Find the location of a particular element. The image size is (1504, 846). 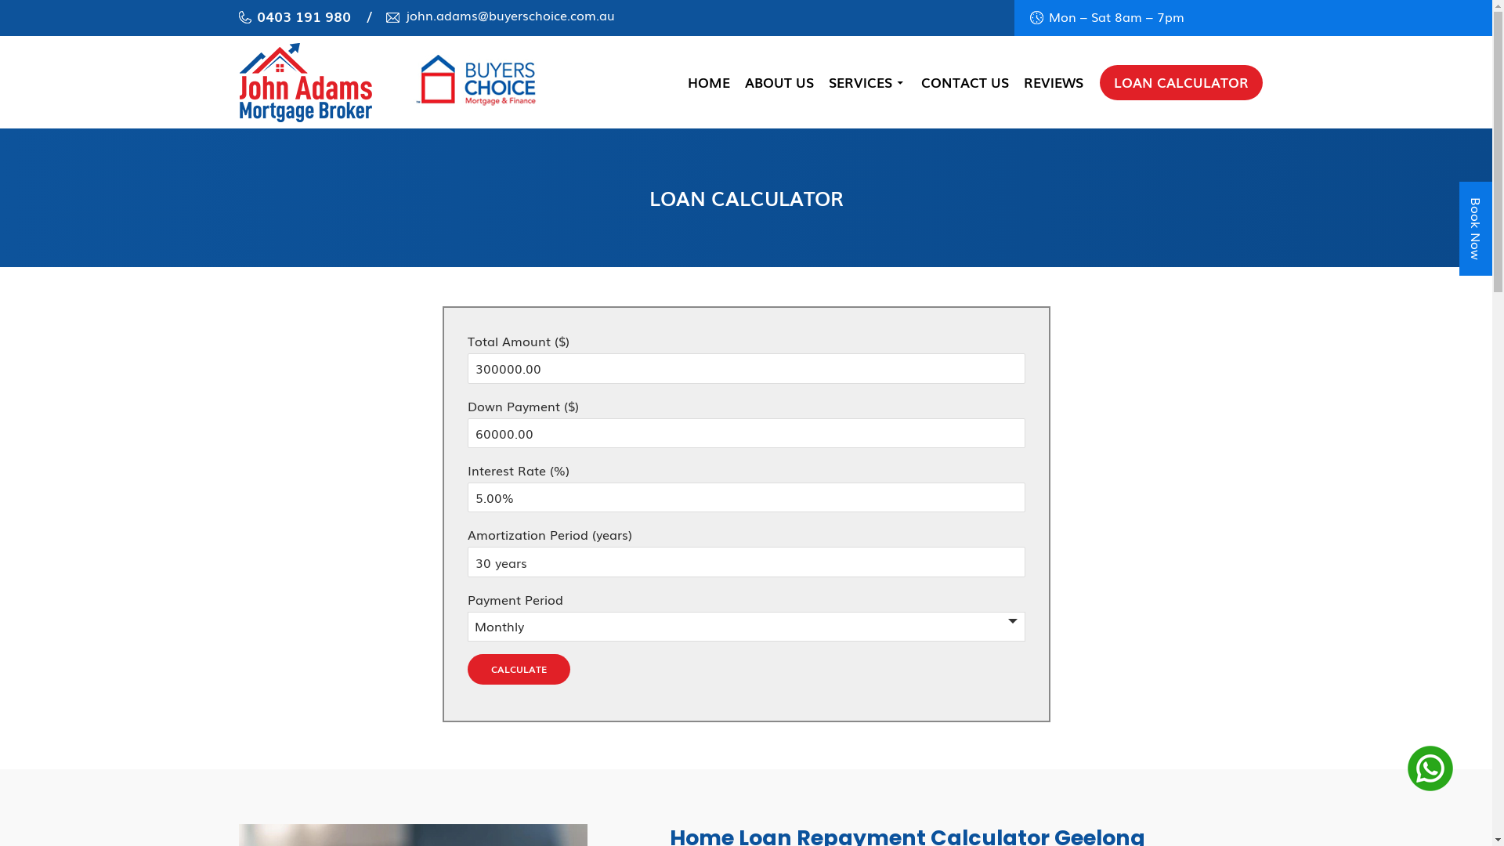

'REVIEWS' is located at coordinates (1016, 81).